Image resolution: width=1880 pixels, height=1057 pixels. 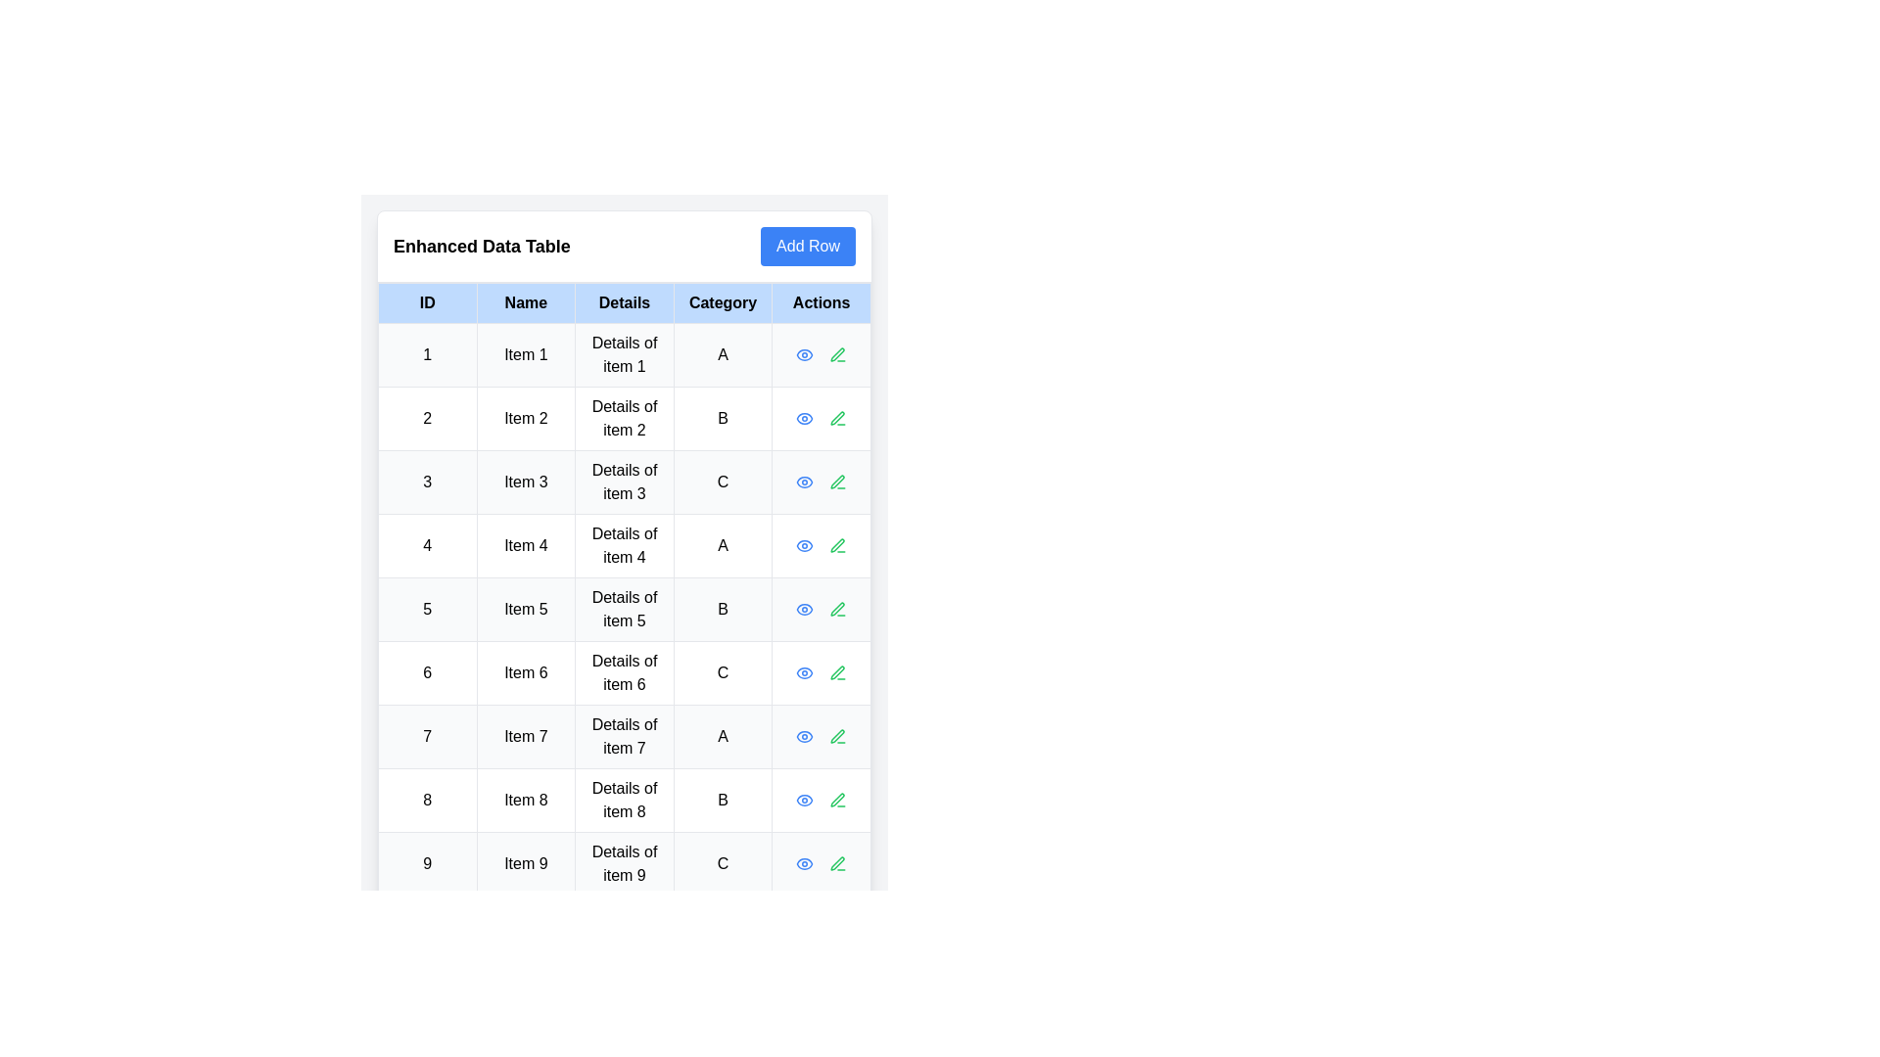 I want to click on the green outlined pencil icon in the 'Actions' column for 'Item 3', so click(x=837, y=482).